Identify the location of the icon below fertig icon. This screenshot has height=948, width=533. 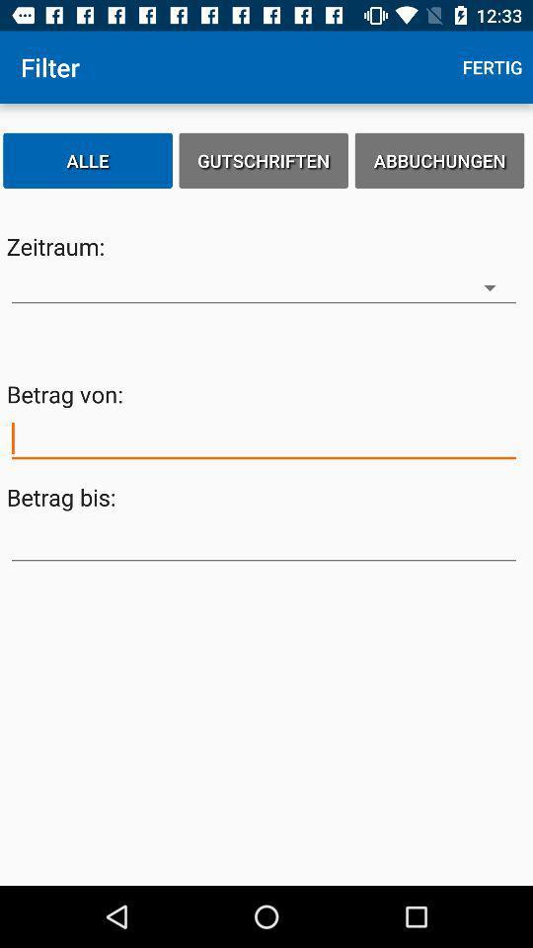
(439, 159).